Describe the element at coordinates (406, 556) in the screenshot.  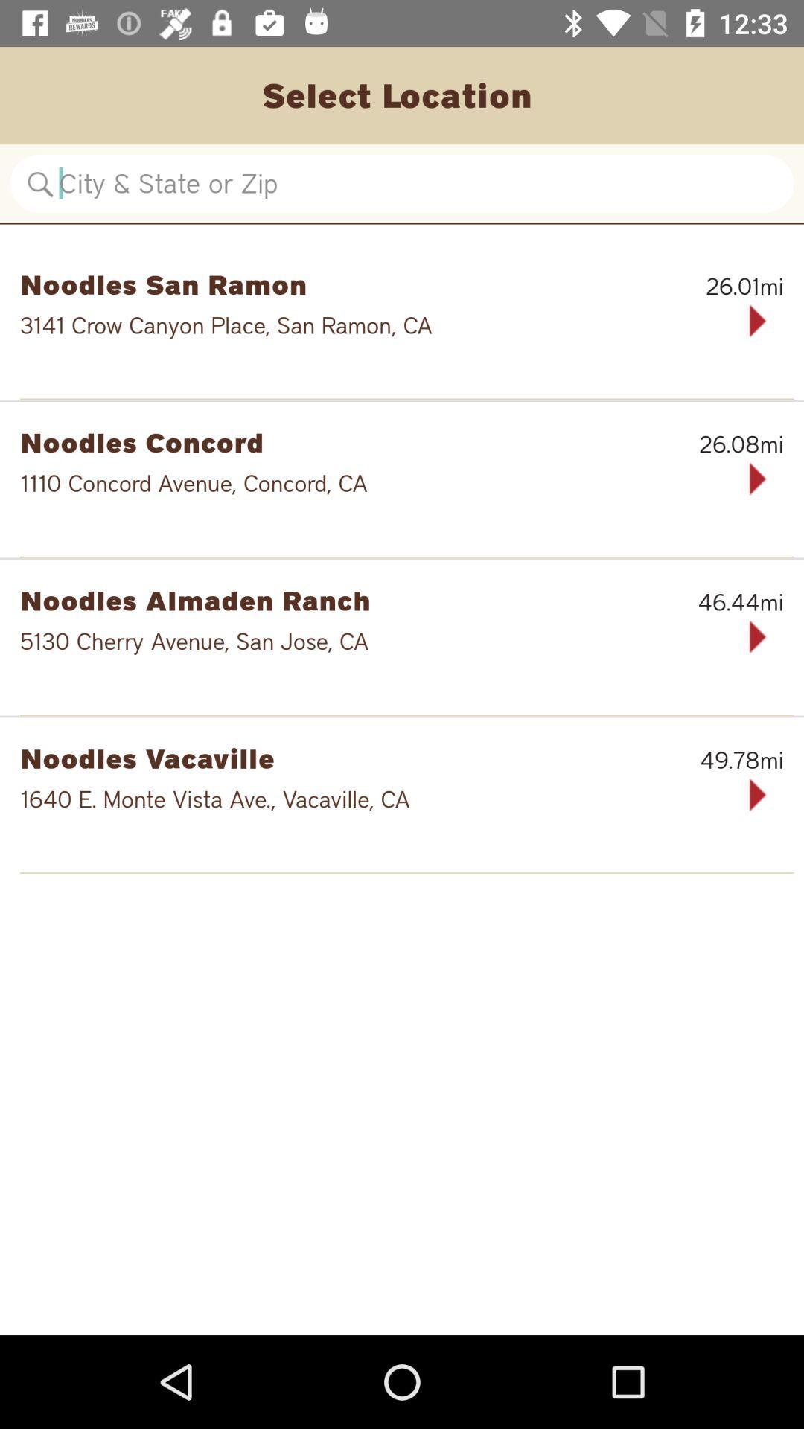
I see `the icon above noodles almaden ranch  item` at that location.